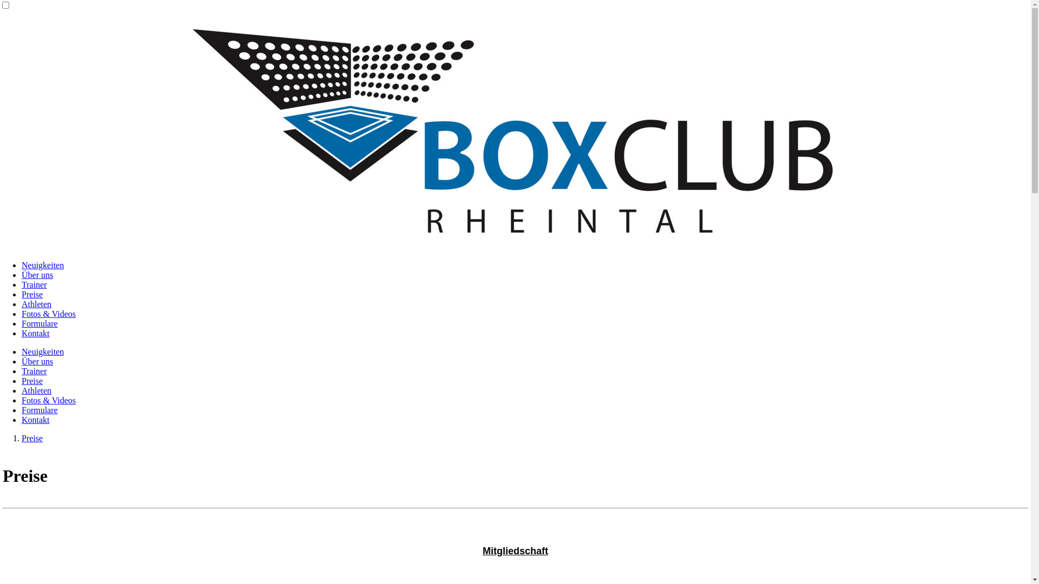  I want to click on 'Athleten', so click(36, 304).